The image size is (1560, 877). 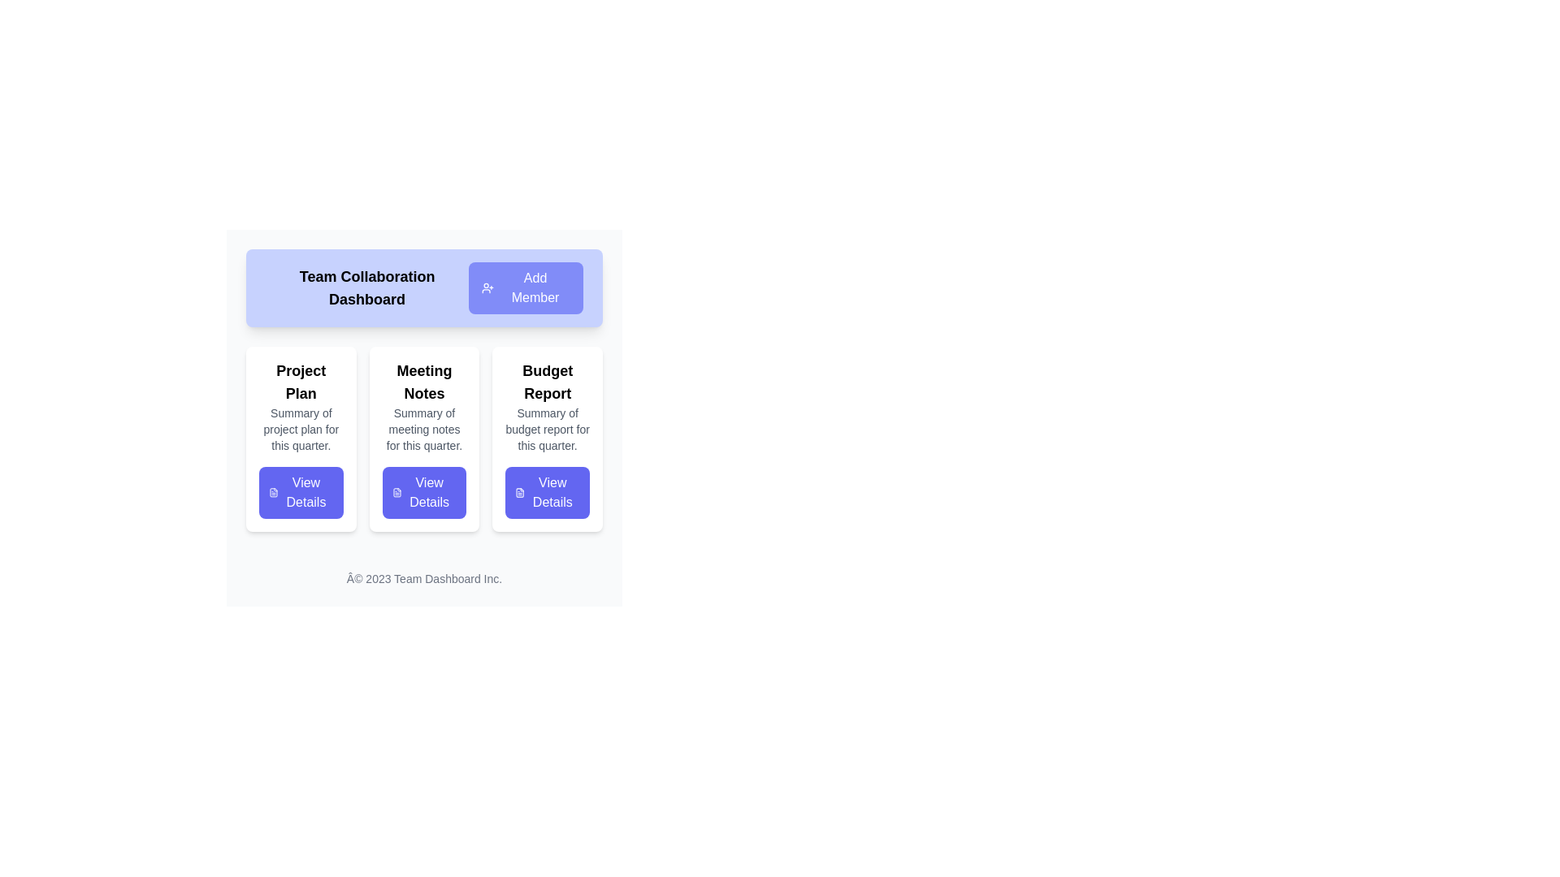 What do you see at coordinates (424, 578) in the screenshot?
I see `the text display element showing '© 2023 Team Dashboard Inc.' located at the bottom-center of the interface` at bounding box center [424, 578].